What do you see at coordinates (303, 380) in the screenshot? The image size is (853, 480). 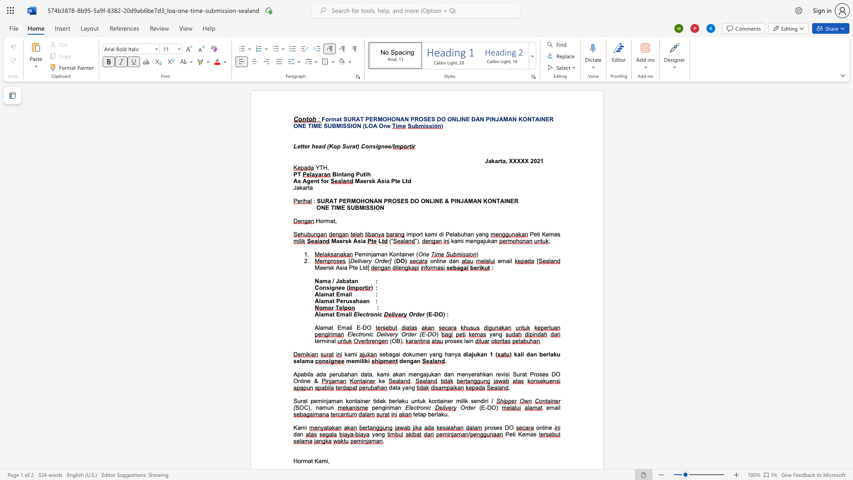 I see `the subset text "ine" within the text "Proses DO Online &"` at bounding box center [303, 380].